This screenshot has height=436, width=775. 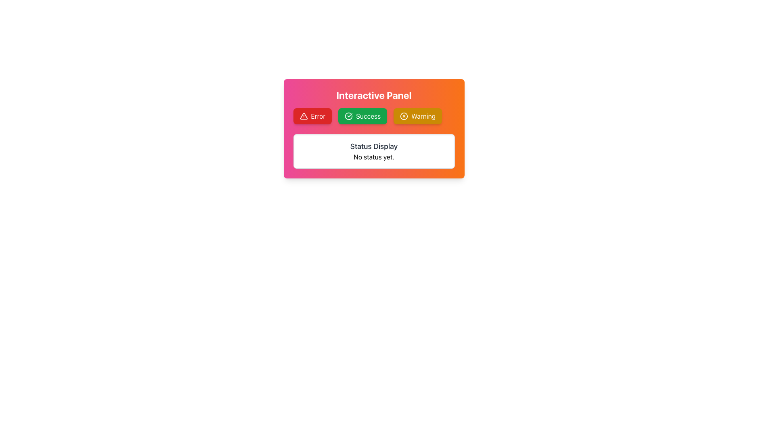 What do you see at coordinates (404, 116) in the screenshot?
I see `the small circular icon with a yellow background and a white border that contains a white 'X' symbol, located to the left of the text label 'Warning' within the last button of the 'Interactive Panel'` at bounding box center [404, 116].